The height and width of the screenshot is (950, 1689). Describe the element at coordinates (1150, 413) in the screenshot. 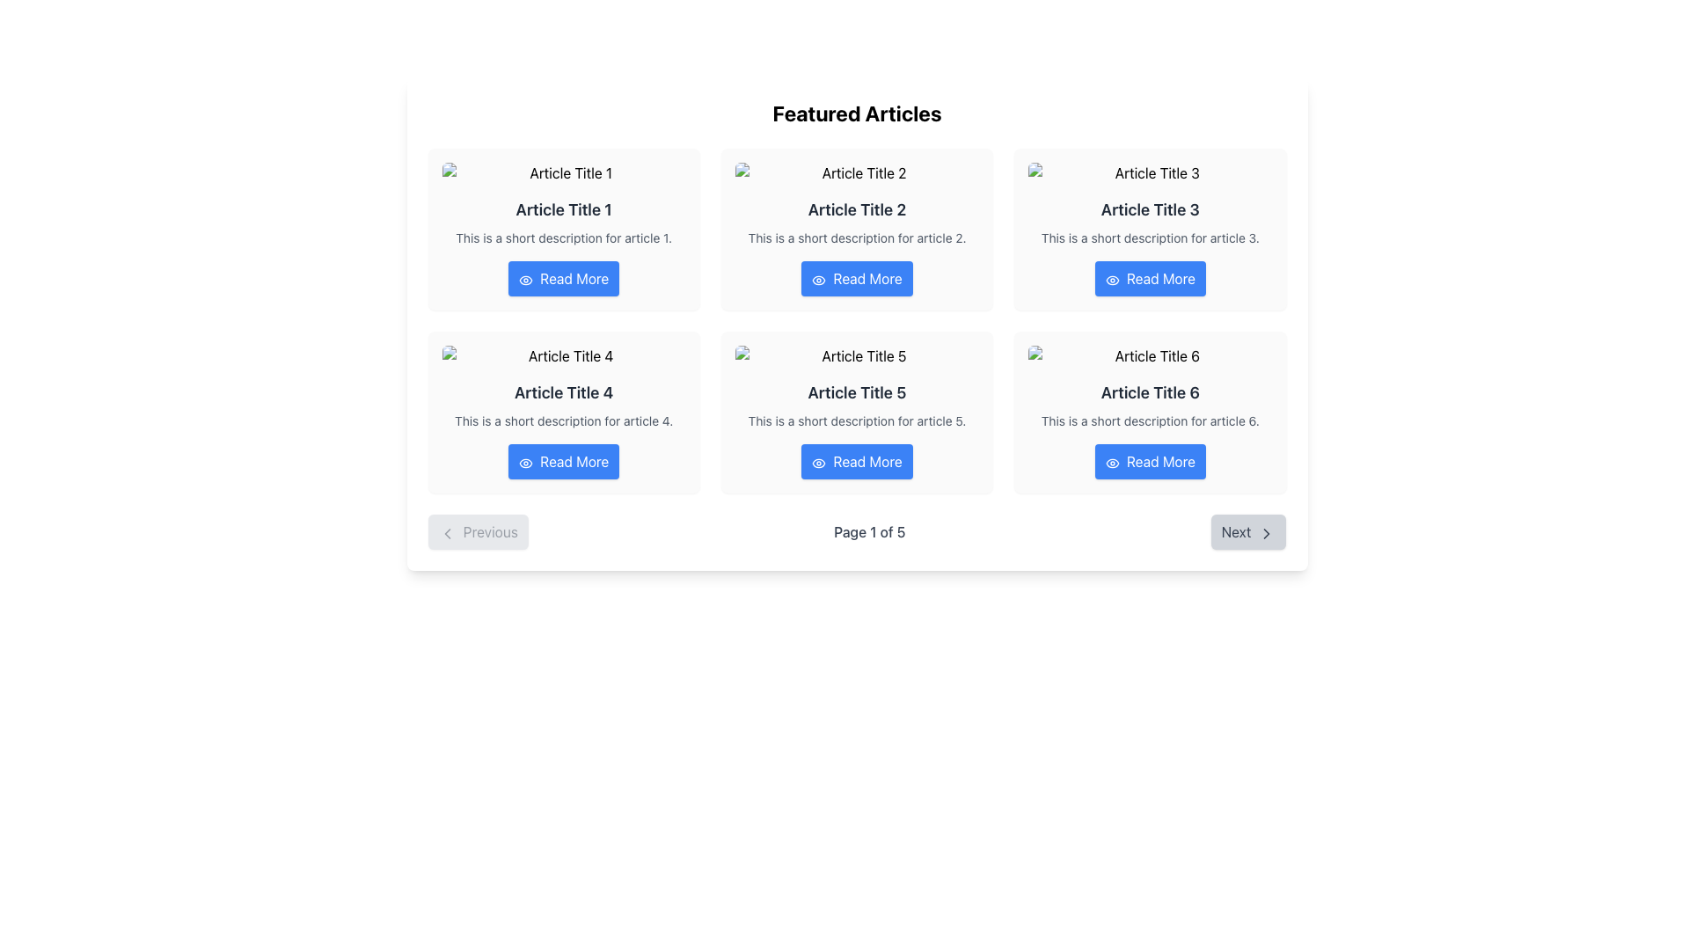

I see `the 'Read More' button on the article preview card located in the third column of the second row of the grid layout` at that location.